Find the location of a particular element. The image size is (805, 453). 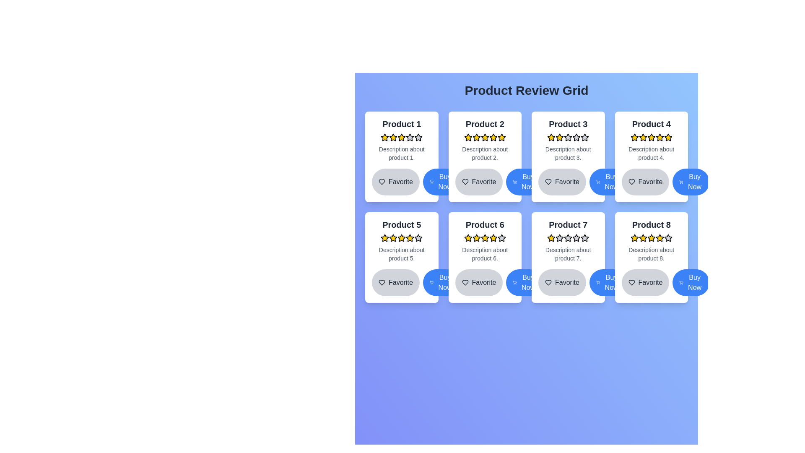

the fifth star icon in the product rating section for 'Product 8', which is outlined in black and filled with light gray, located beneath the product name and above the 'Favorite' and 'Buy Now' buttons is located at coordinates (667, 238).